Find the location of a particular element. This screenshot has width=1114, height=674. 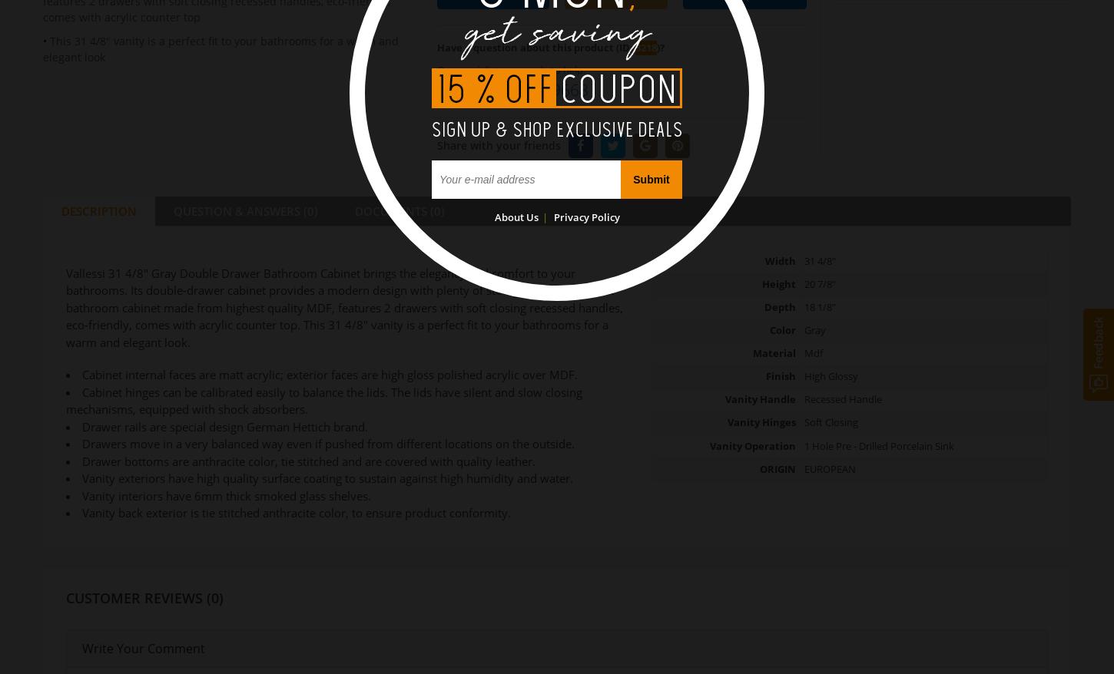

'Height' is located at coordinates (778, 282).